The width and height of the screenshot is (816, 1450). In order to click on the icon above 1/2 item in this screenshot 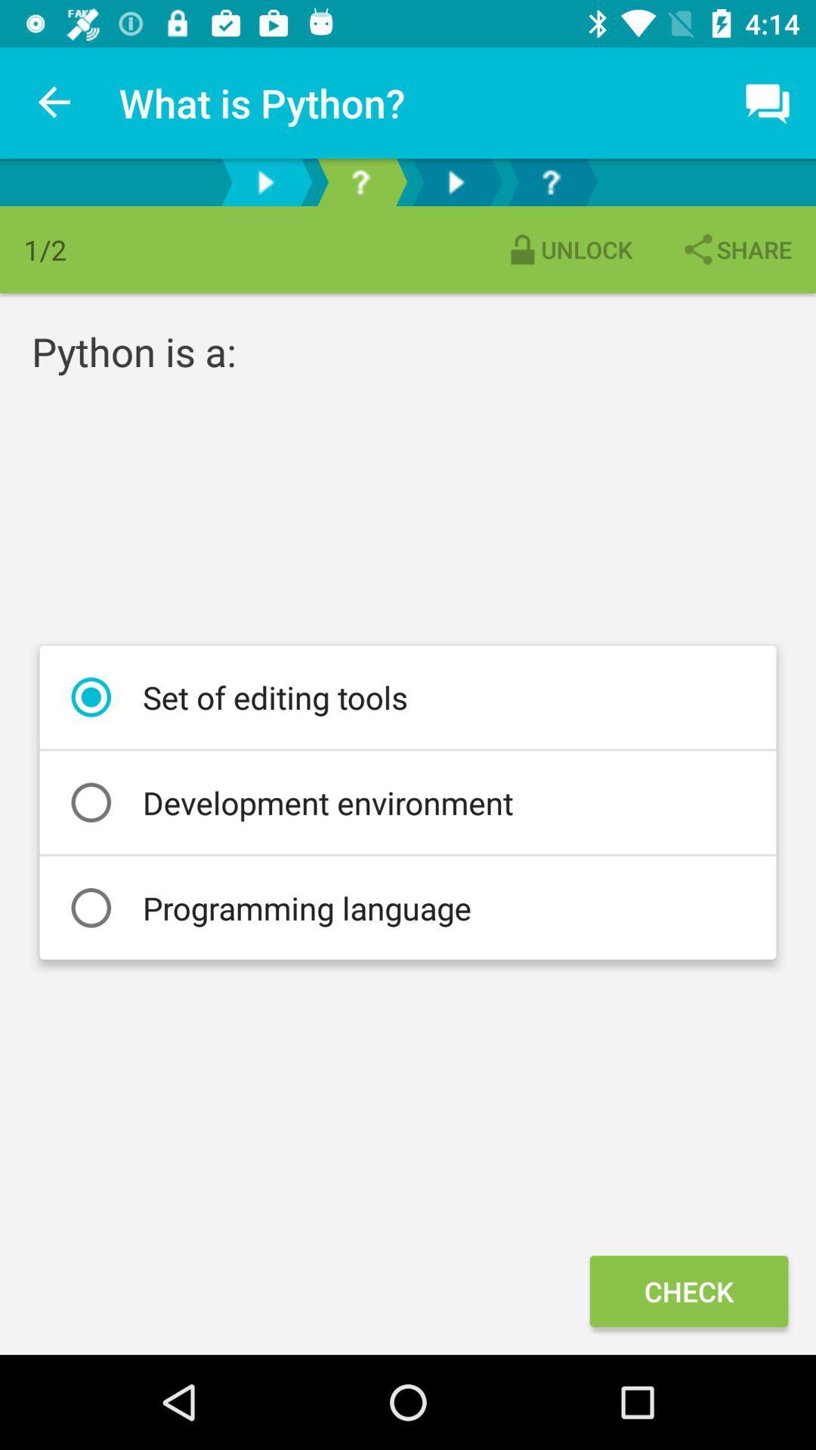, I will do `click(54, 102)`.